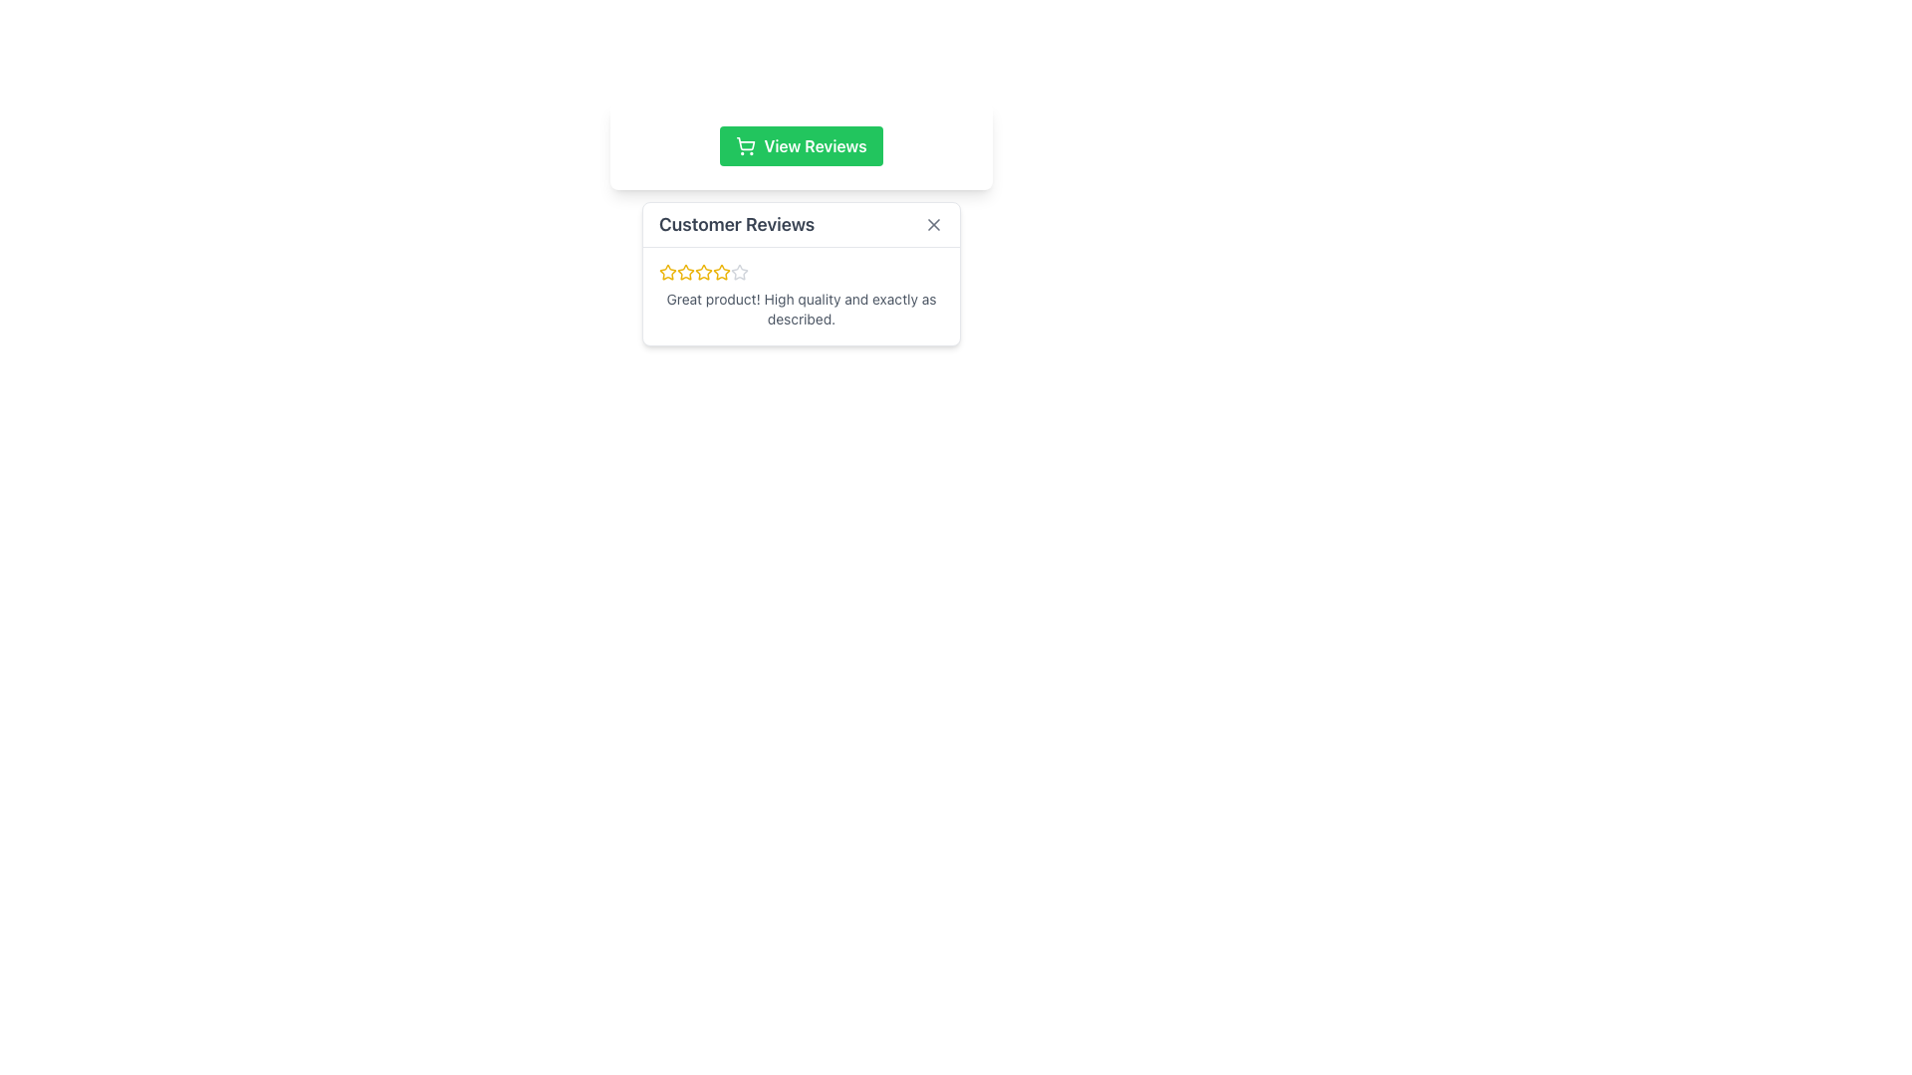  Describe the element at coordinates (932, 224) in the screenshot. I see `the close button located in the top-right corner of the customer review panel` at that location.